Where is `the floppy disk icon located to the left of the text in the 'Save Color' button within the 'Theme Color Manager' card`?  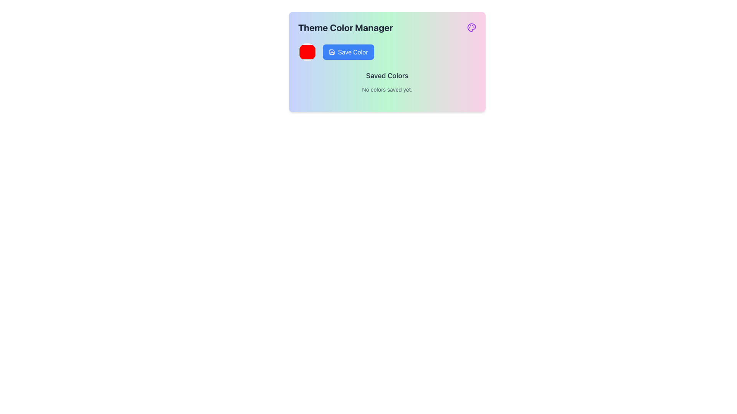
the floppy disk icon located to the left of the text in the 'Save Color' button within the 'Theme Color Manager' card is located at coordinates (332, 52).